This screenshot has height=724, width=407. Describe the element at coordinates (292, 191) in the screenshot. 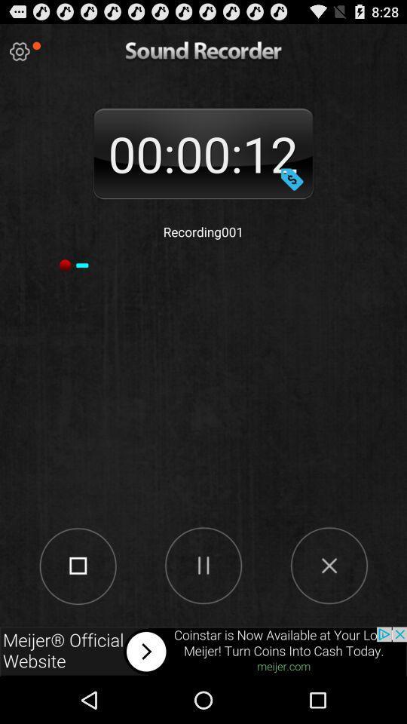

I see `the label icon` at that location.